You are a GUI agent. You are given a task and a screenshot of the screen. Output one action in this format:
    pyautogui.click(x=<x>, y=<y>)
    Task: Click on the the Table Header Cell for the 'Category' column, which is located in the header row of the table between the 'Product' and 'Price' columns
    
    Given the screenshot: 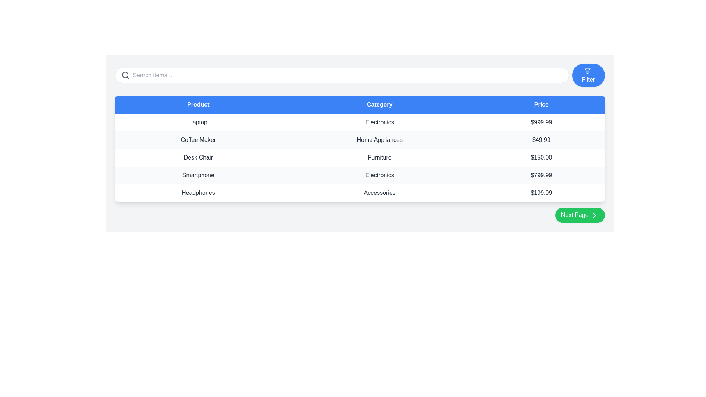 What is the action you would take?
    pyautogui.click(x=379, y=105)
    